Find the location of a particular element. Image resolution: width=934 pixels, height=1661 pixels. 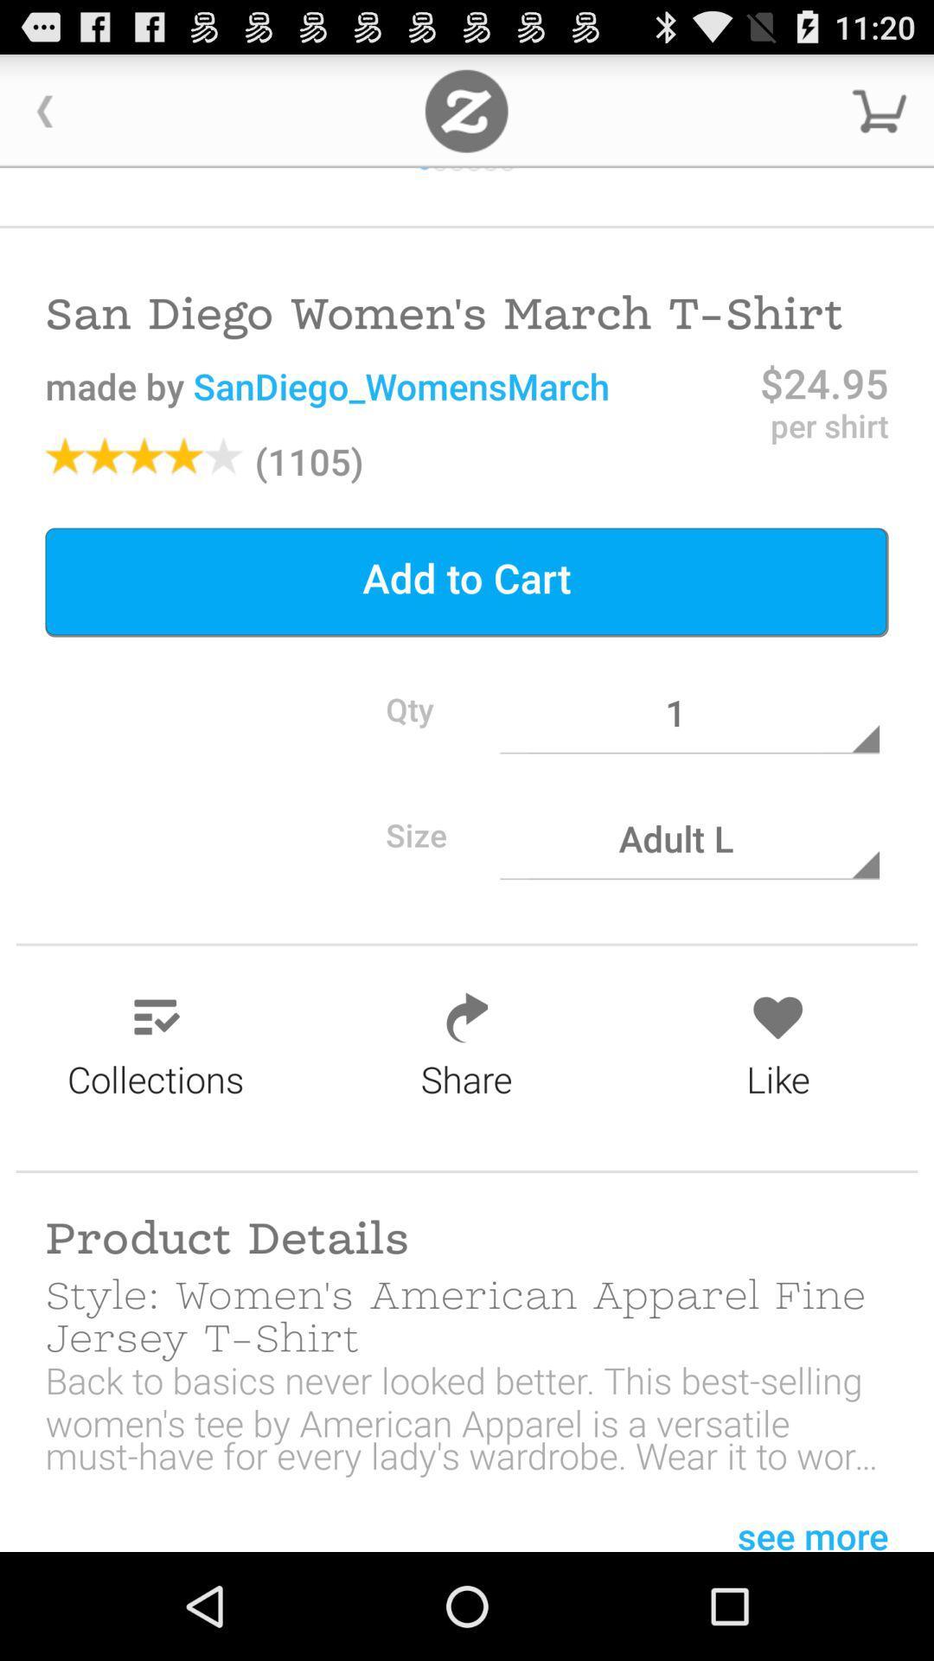

shopping select button is located at coordinates (880, 110).